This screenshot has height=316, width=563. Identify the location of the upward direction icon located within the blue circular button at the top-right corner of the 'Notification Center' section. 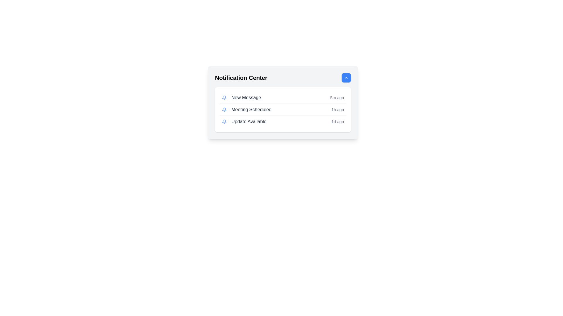
(346, 78).